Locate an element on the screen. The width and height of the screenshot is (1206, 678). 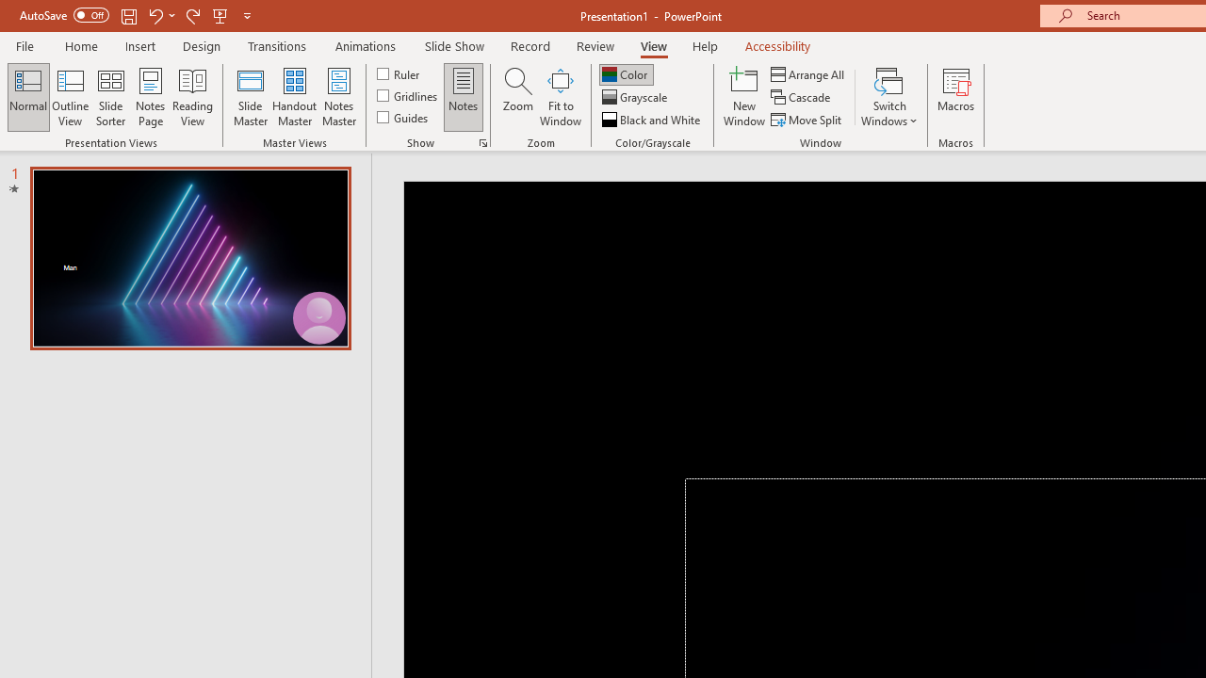
'Cascade' is located at coordinates (802, 97).